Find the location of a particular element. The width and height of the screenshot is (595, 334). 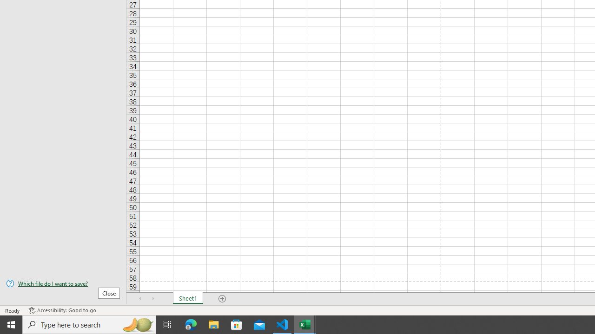

'Start' is located at coordinates (11, 324).